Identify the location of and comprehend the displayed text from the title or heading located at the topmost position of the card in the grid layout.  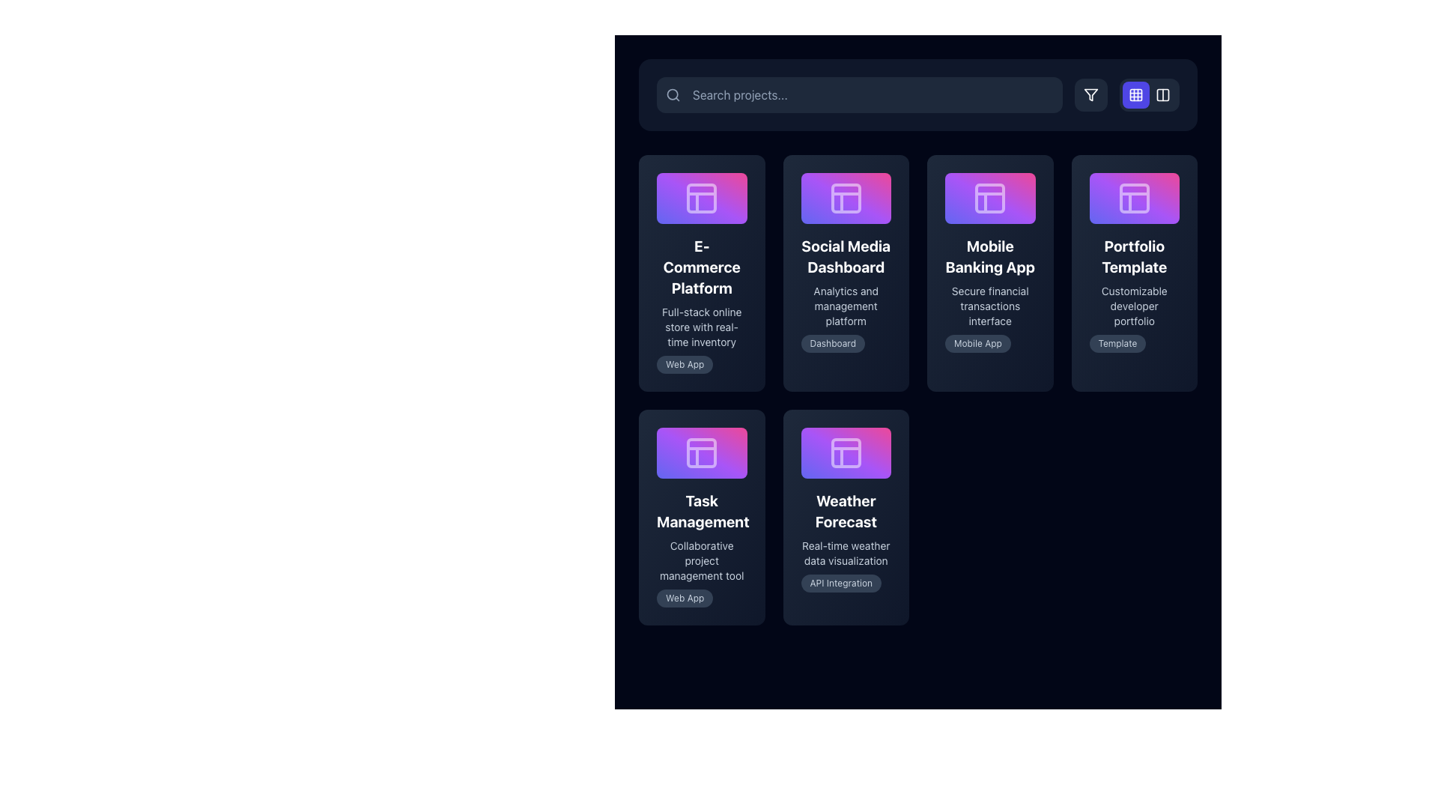
(701, 266).